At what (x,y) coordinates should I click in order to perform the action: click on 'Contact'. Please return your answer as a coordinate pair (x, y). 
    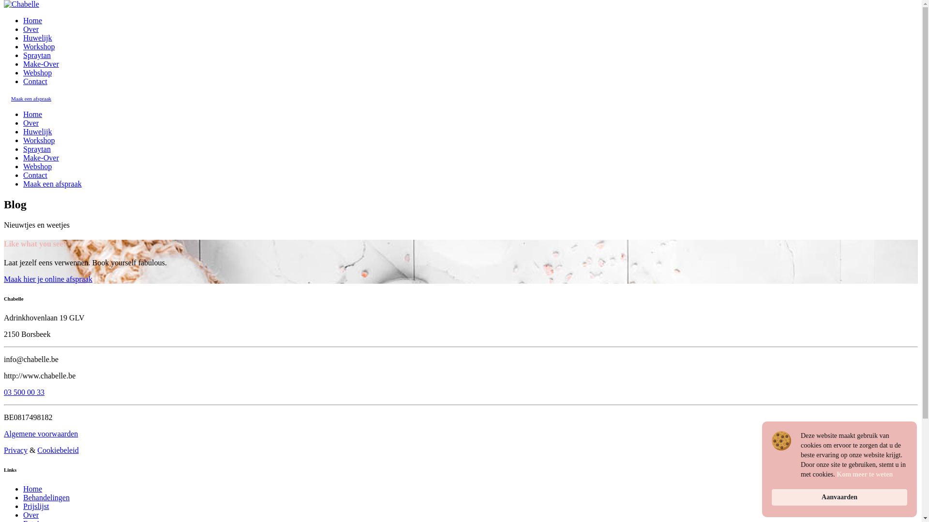
    Looking at the image, I should click on (35, 81).